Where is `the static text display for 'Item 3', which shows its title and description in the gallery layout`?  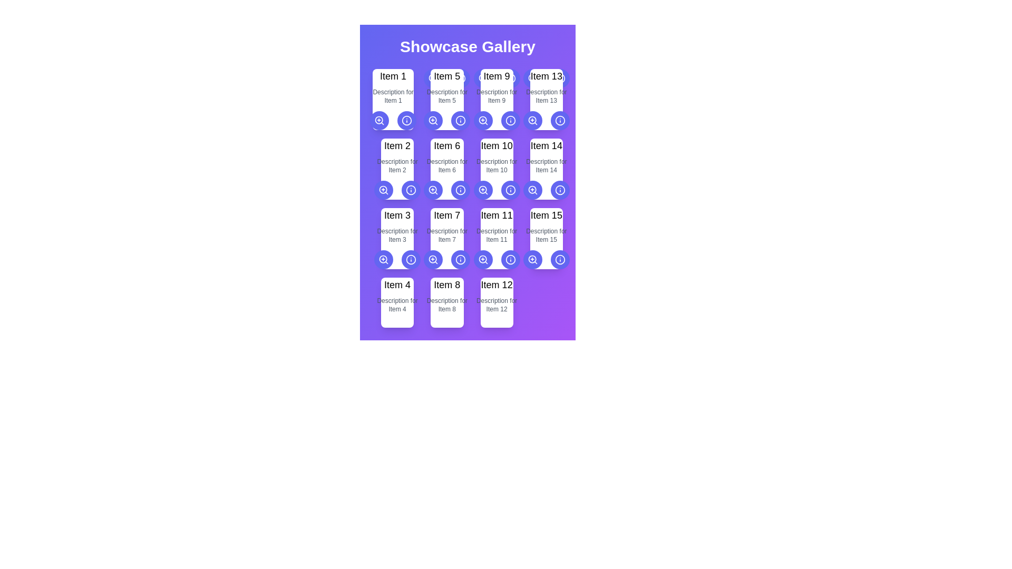
the static text display for 'Item 3', which shows its title and description in the gallery layout is located at coordinates (397, 238).